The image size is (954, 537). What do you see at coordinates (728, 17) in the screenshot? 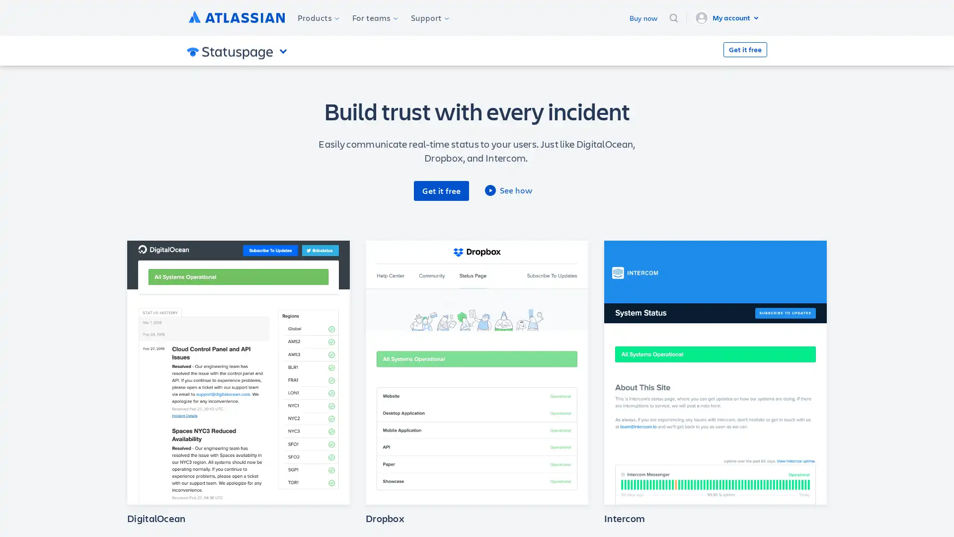
I see `My account open` at bounding box center [728, 17].